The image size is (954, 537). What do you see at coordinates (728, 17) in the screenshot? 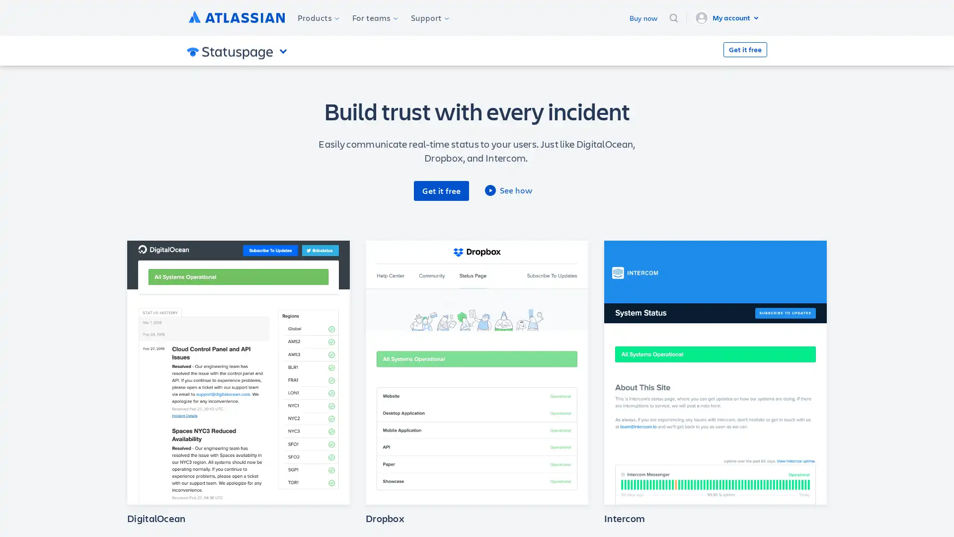
I see `My account open` at bounding box center [728, 17].